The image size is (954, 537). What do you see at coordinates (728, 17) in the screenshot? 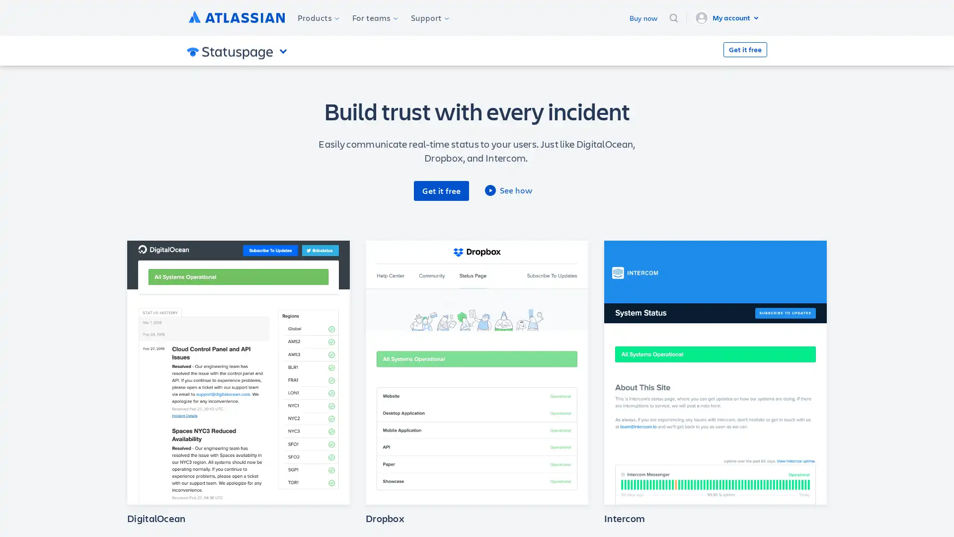
I see `My account open` at bounding box center [728, 17].